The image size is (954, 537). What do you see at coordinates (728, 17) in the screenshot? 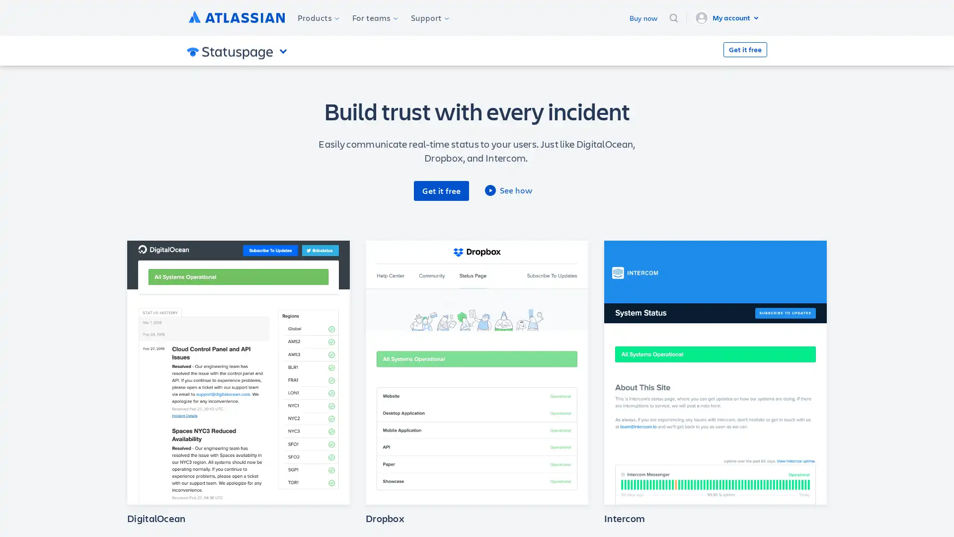
I see `My account open` at bounding box center [728, 17].